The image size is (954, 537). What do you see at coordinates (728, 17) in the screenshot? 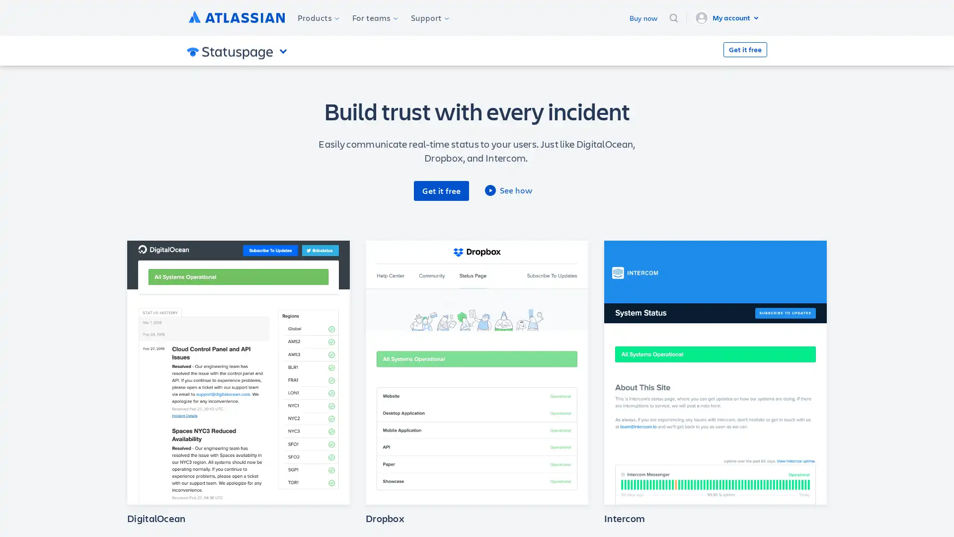
I see `My account open` at bounding box center [728, 17].